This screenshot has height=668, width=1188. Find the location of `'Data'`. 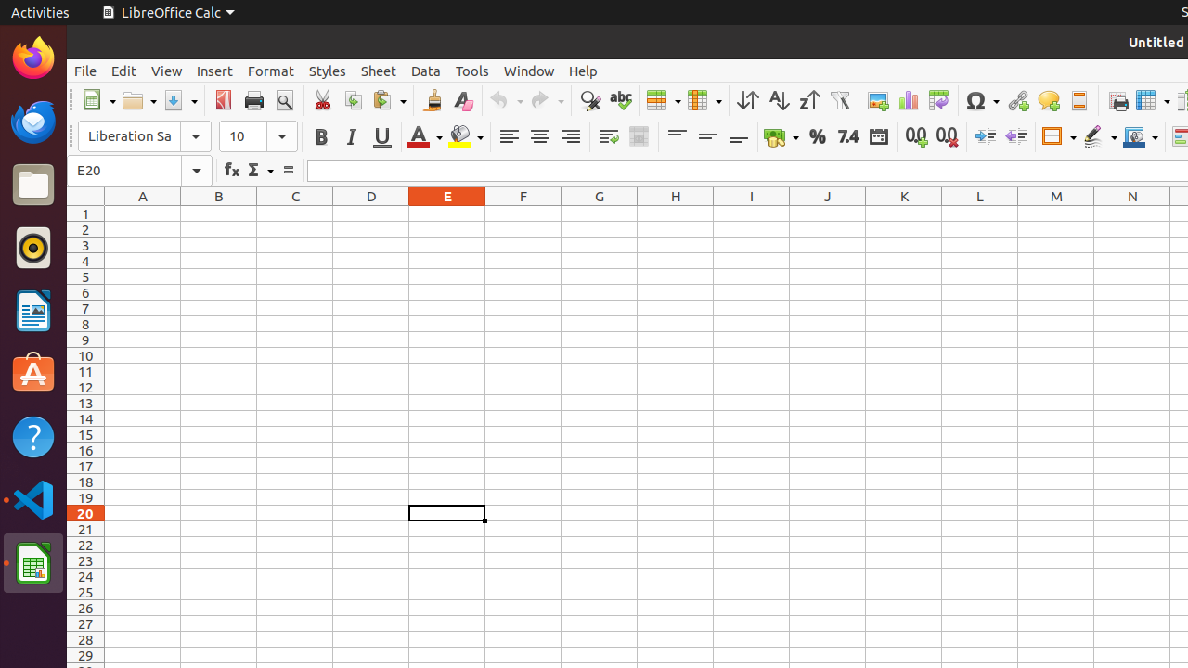

'Data' is located at coordinates (425, 70).